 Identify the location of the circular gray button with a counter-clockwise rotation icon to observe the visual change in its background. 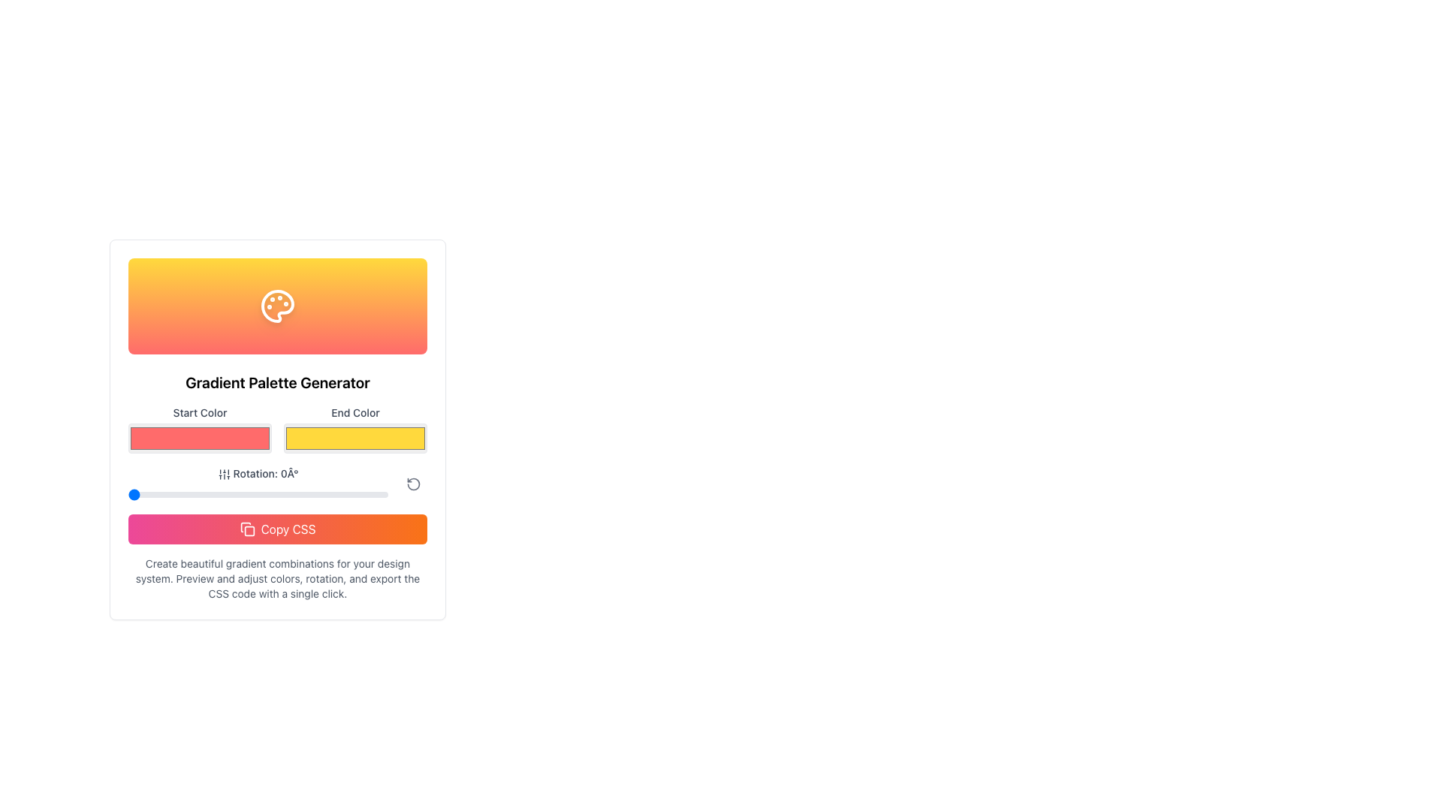
(414, 484).